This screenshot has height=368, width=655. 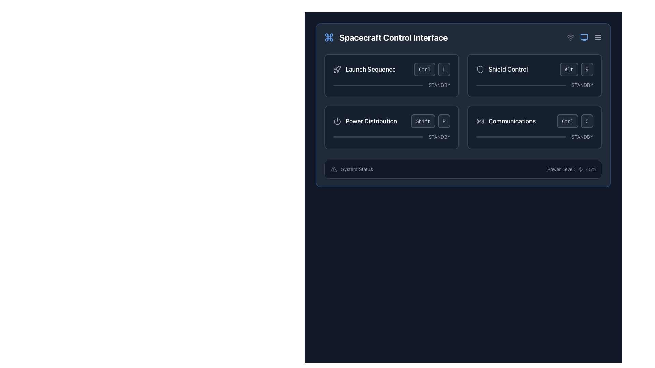 What do you see at coordinates (503, 85) in the screenshot?
I see `the shield control` at bounding box center [503, 85].